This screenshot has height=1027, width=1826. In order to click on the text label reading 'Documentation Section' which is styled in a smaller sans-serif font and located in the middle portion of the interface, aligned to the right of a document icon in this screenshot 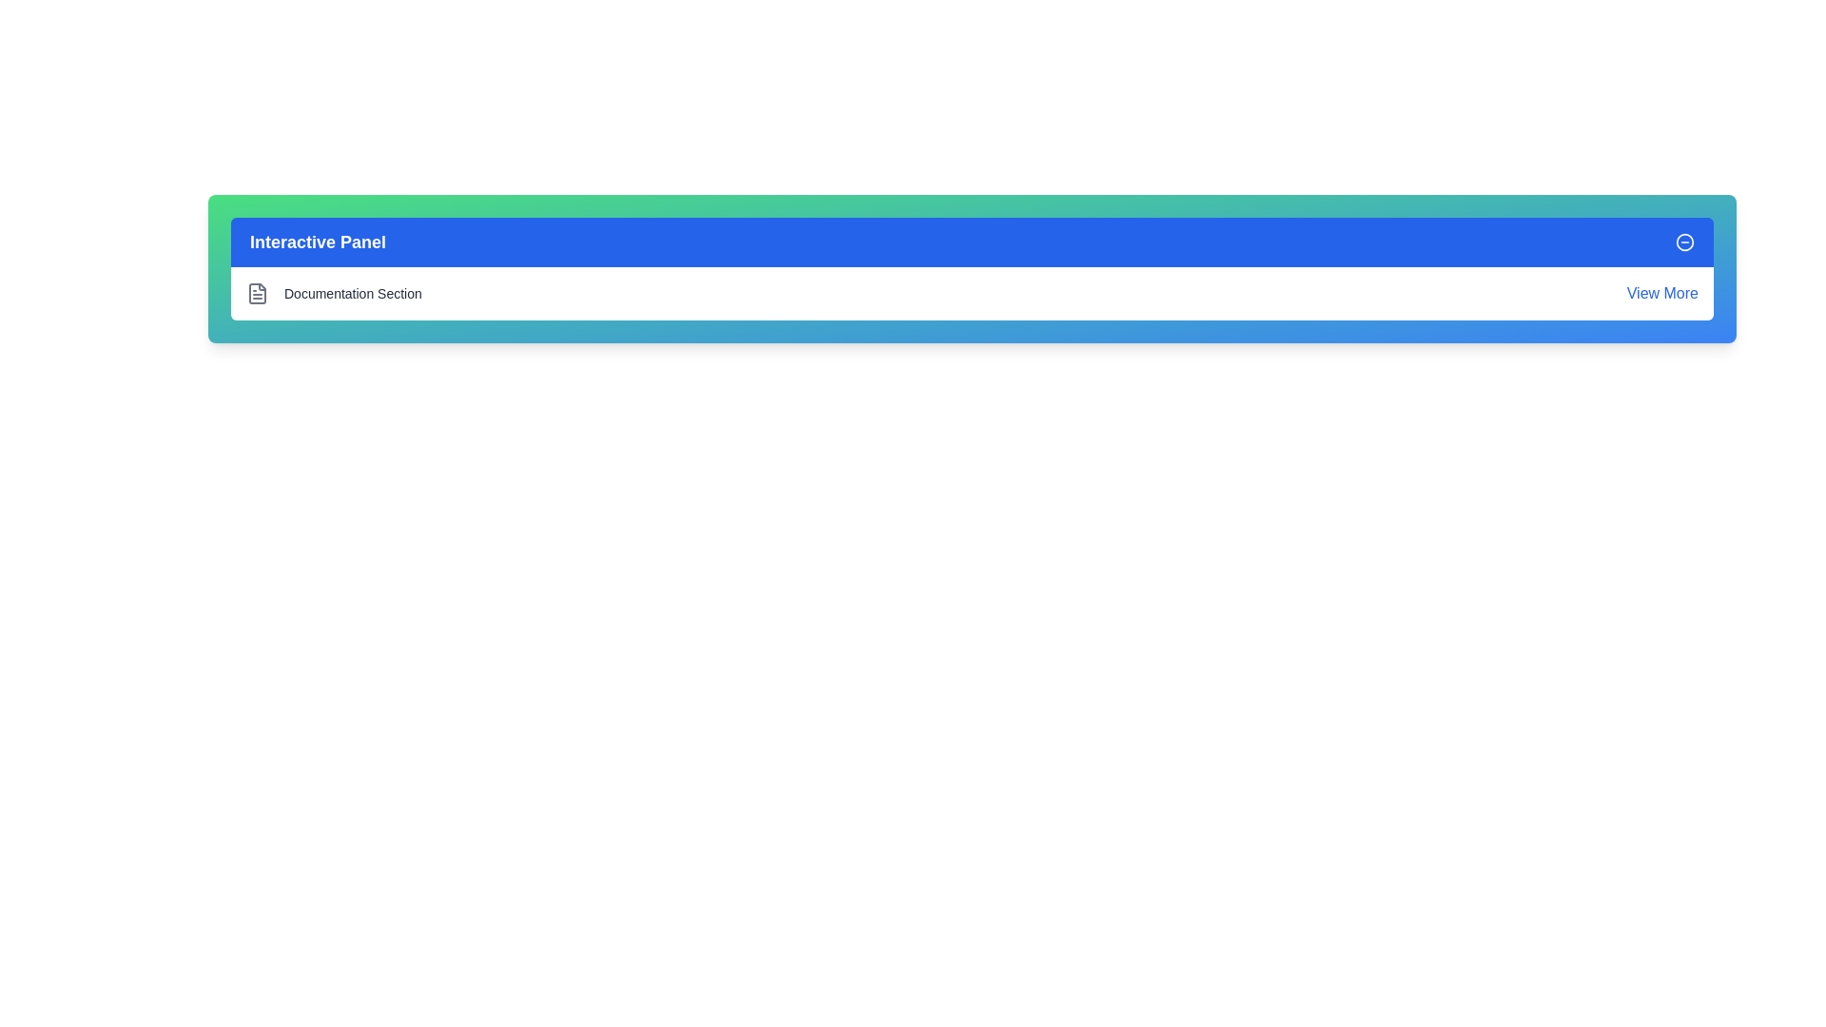, I will do `click(353, 293)`.